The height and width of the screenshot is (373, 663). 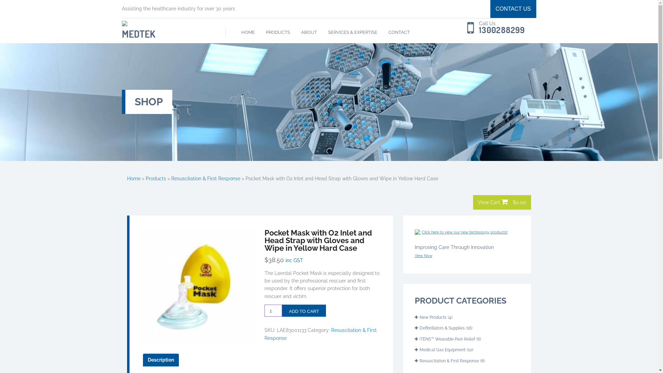 What do you see at coordinates (502, 202) in the screenshot?
I see `'View Cart $0.00'` at bounding box center [502, 202].